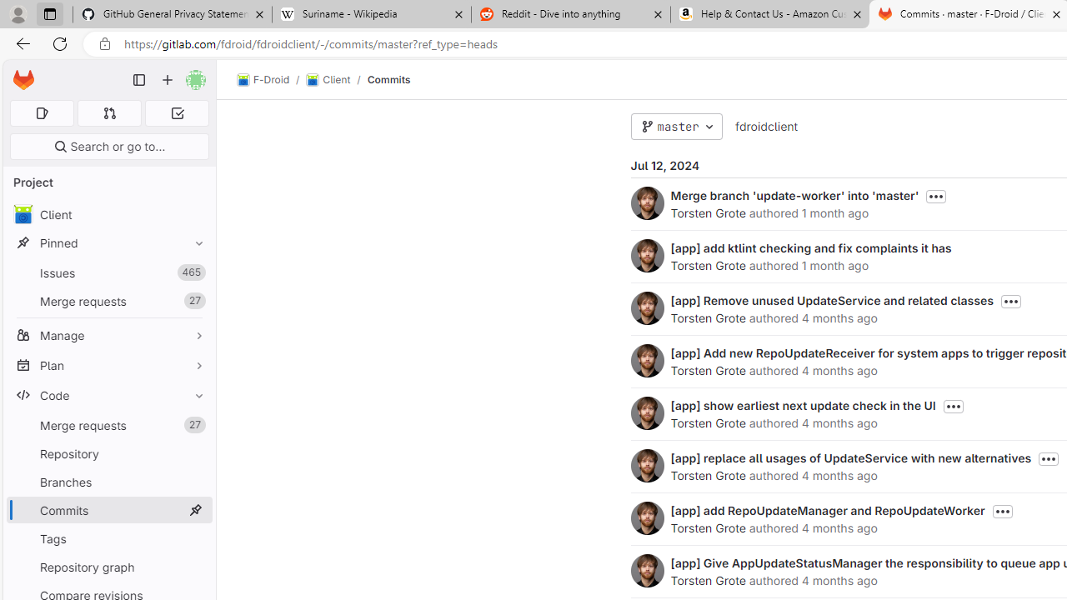 This screenshot has height=600, width=1067. I want to click on 'Branches', so click(108, 482).